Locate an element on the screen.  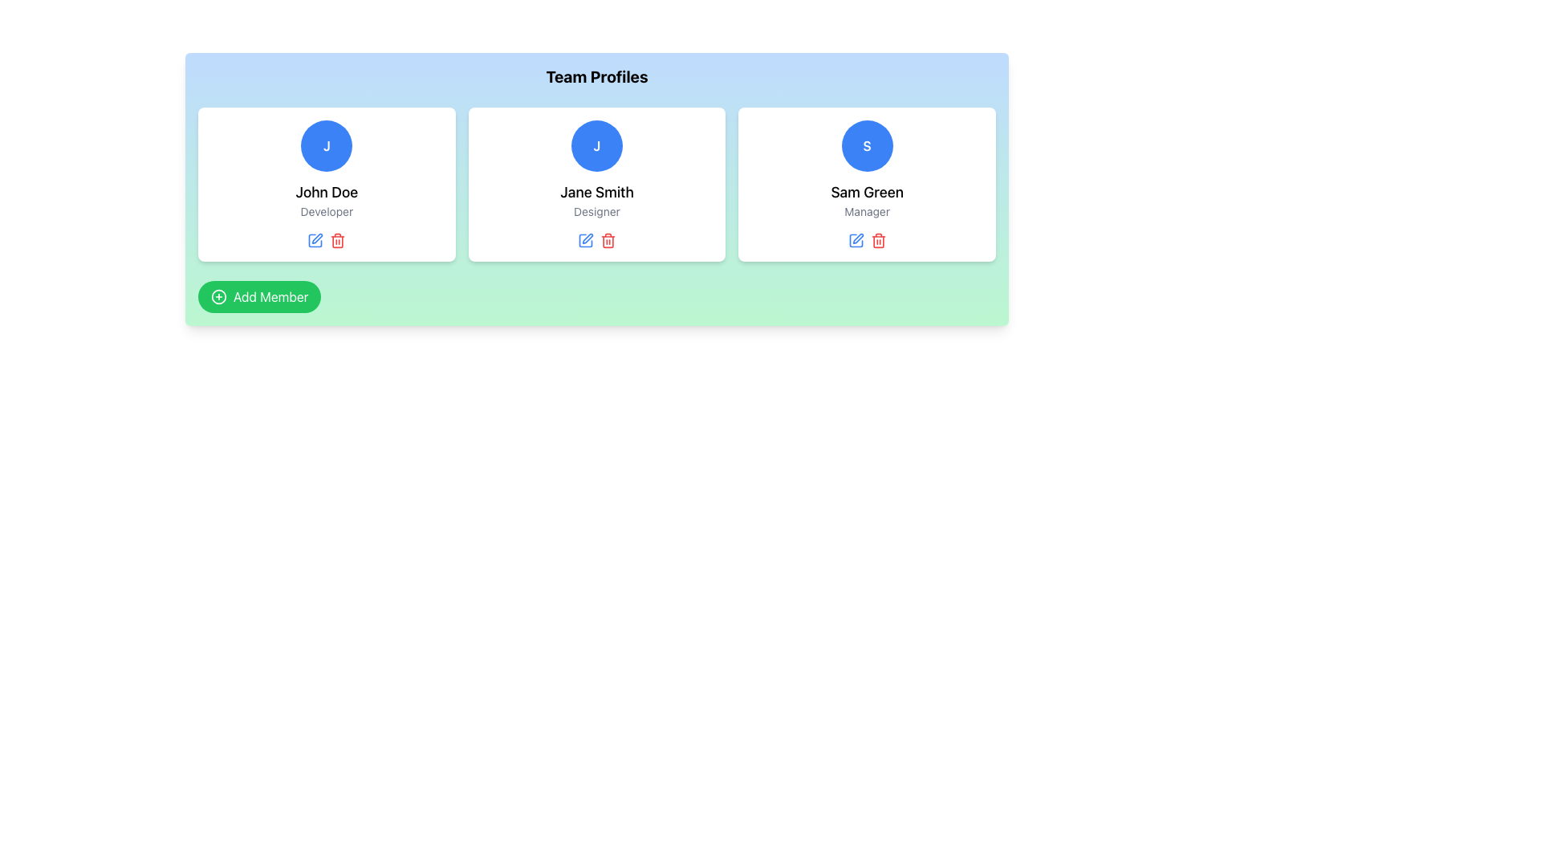
the red trash bin icon button, which is the second interactive icon below John Doe's profile is located at coordinates (337, 241).